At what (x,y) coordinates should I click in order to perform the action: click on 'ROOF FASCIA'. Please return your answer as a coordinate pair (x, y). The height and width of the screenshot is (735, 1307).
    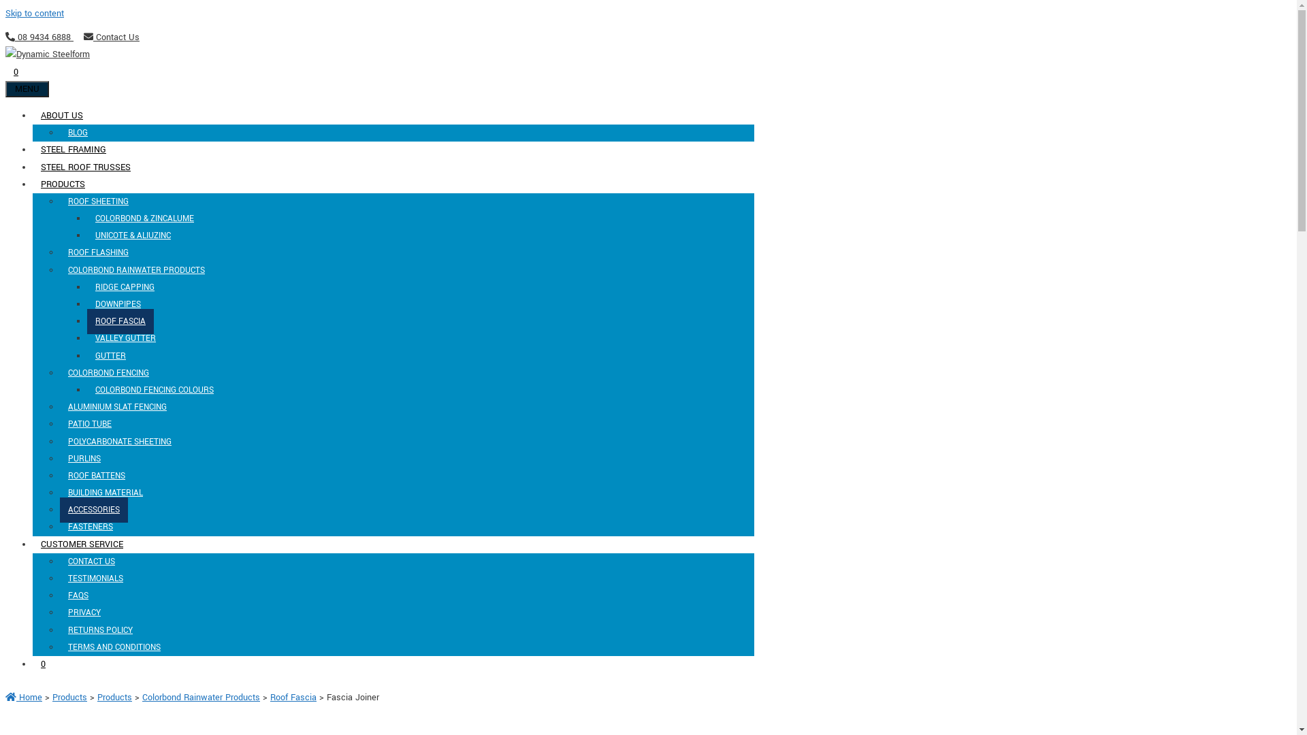
    Looking at the image, I should click on (120, 321).